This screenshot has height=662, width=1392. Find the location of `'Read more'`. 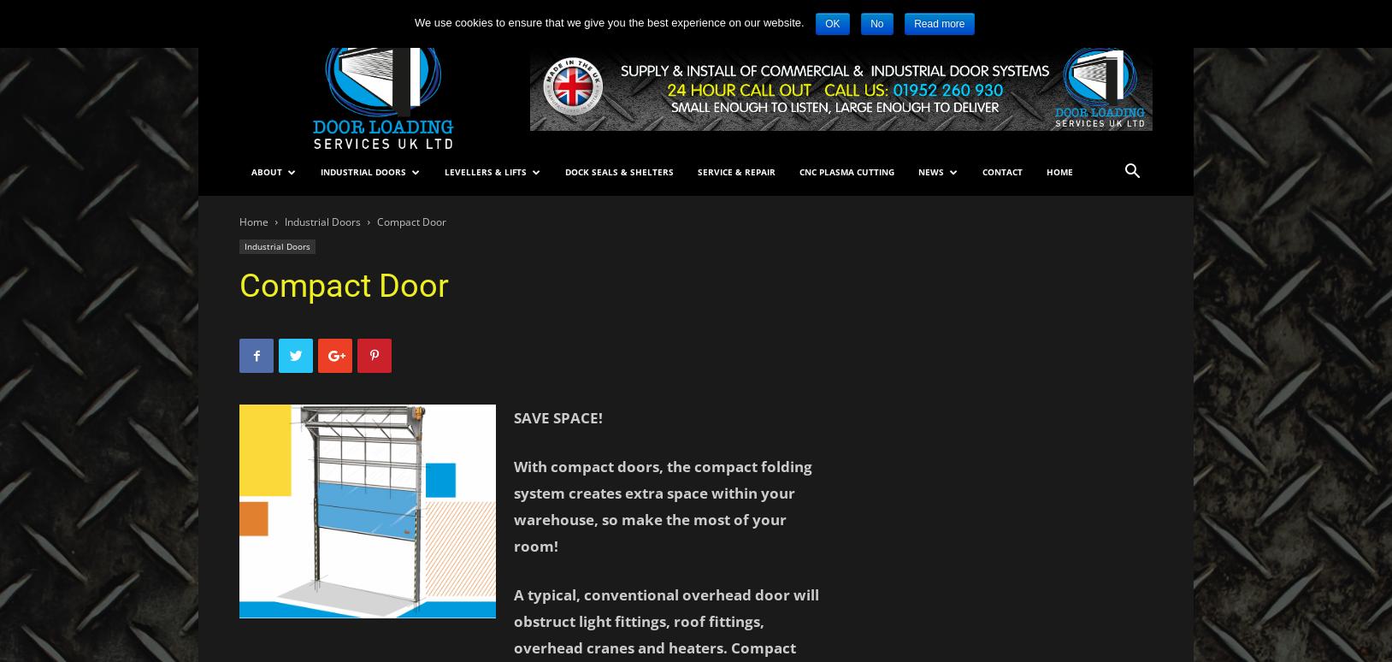

'Read more' is located at coordinates (939, 24).